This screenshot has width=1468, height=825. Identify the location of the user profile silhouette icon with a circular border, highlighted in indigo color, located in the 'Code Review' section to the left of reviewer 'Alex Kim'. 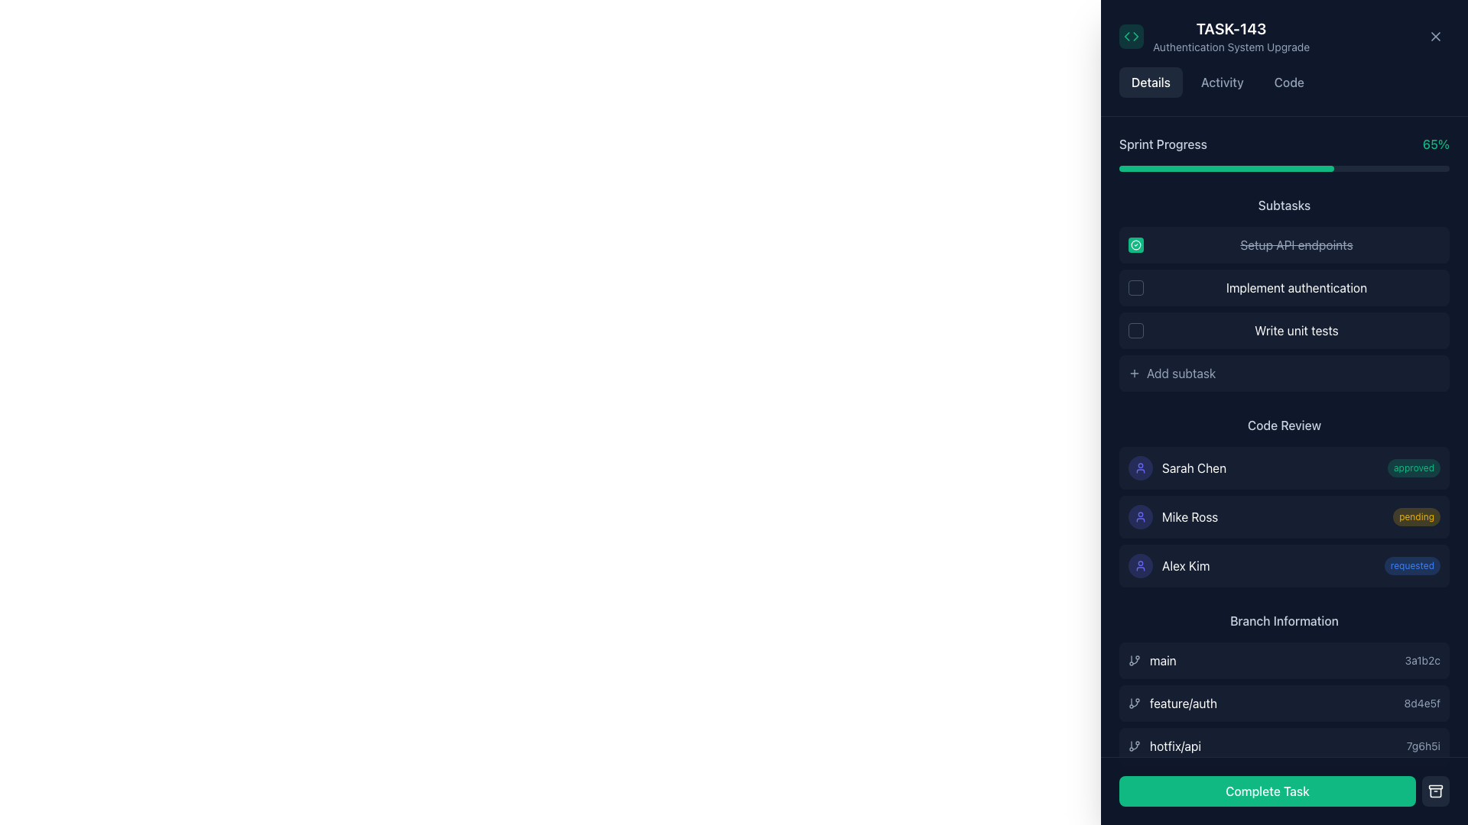
(1141, 516).